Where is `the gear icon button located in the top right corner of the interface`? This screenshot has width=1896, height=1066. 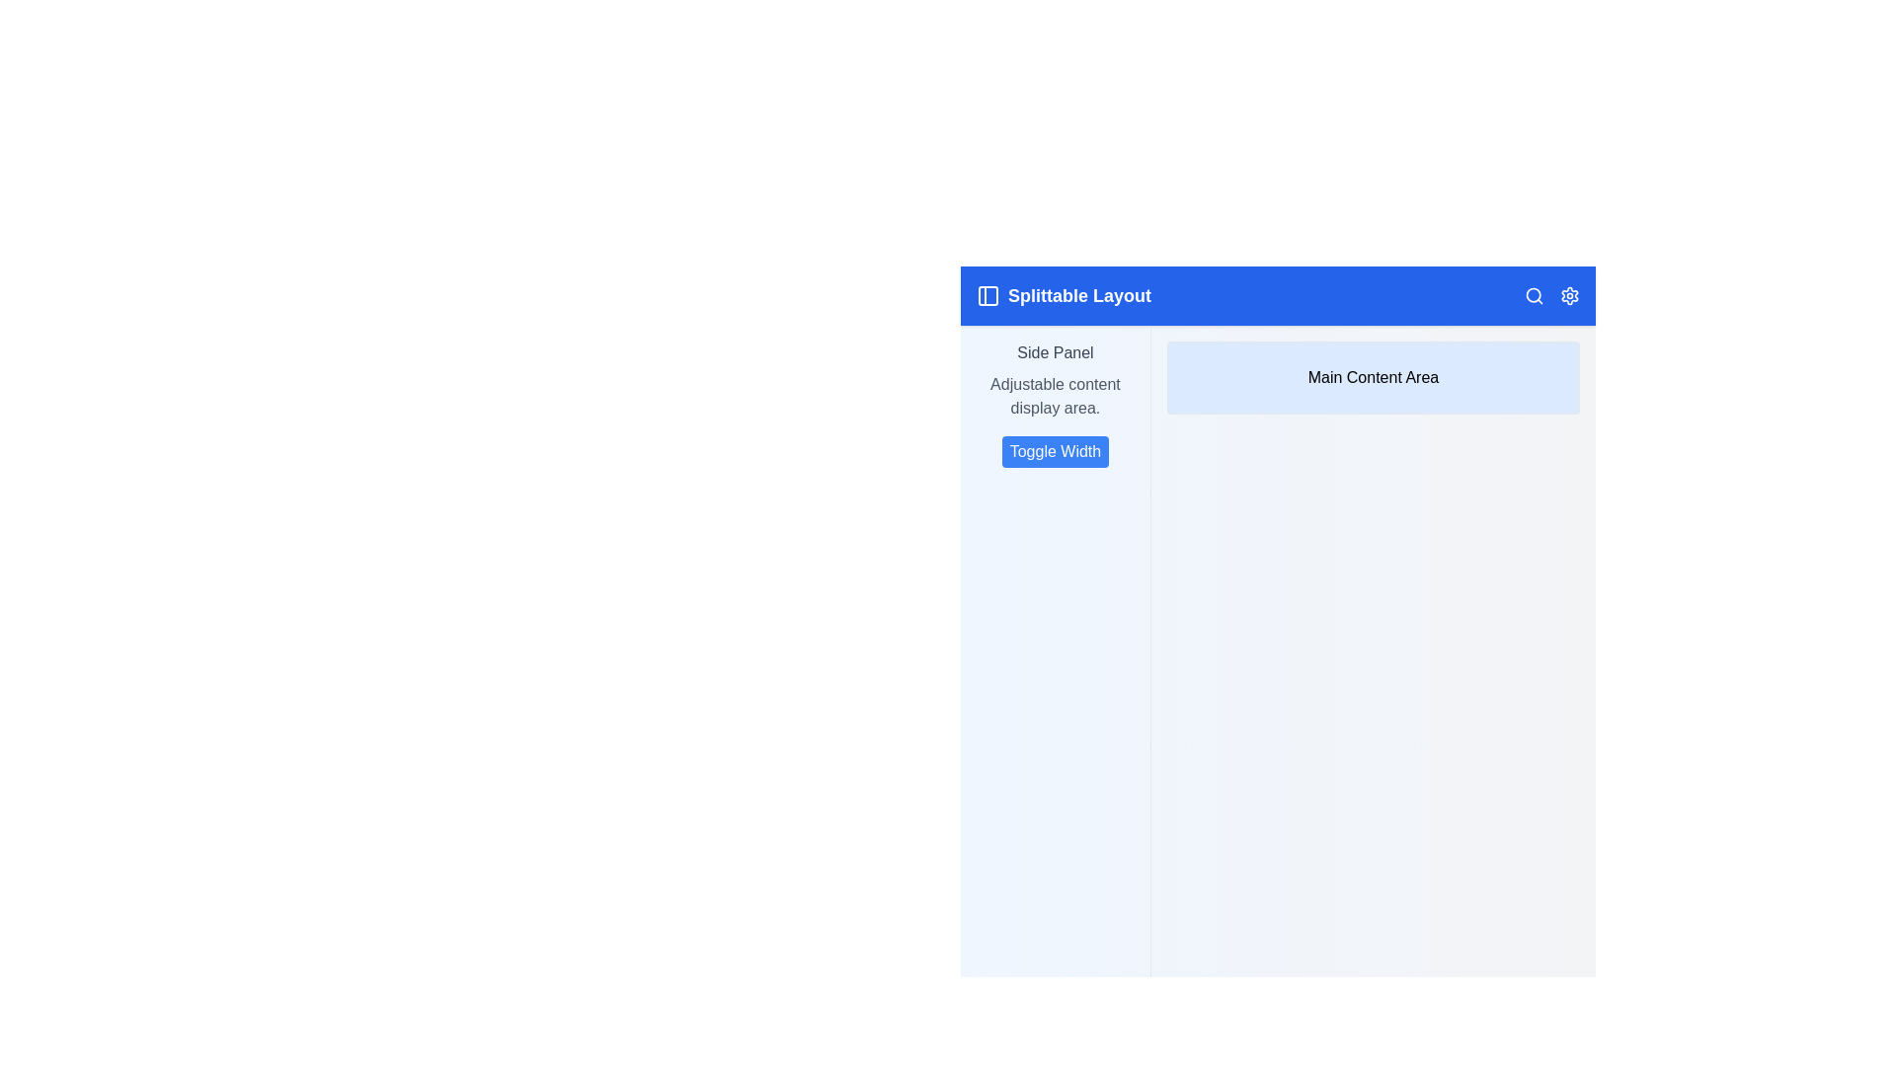
the gear icon button located in the top right corner of the interface is located at coordinates (1568, 296).